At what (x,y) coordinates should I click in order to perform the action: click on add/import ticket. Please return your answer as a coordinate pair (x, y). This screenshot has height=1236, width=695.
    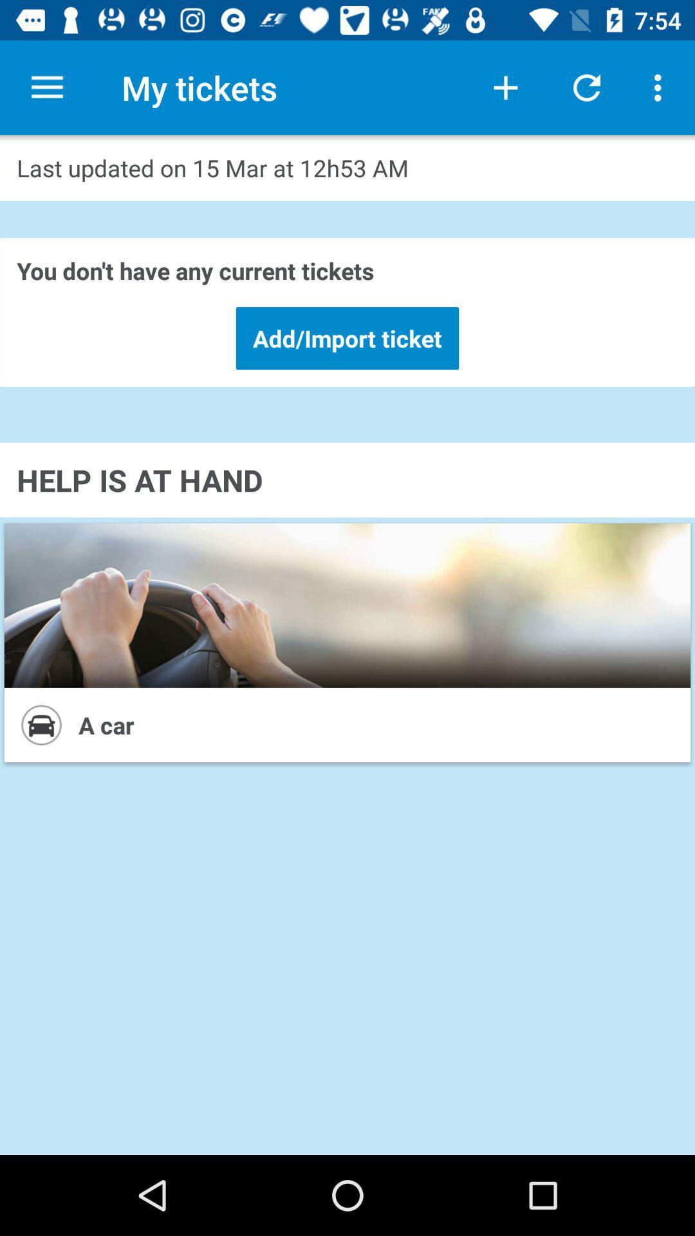
    Looking at the image, I should click on (347, 338).